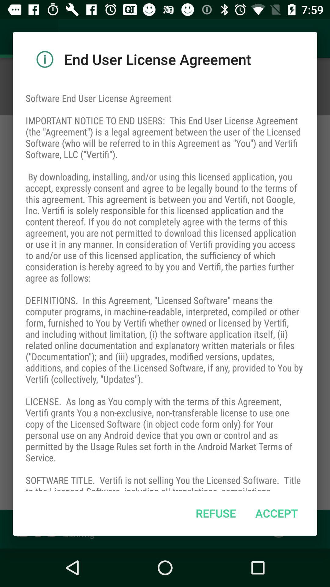 This screenshot has height=587, width=330. I want to click on item to the left of accept icon, so click(215, 513).